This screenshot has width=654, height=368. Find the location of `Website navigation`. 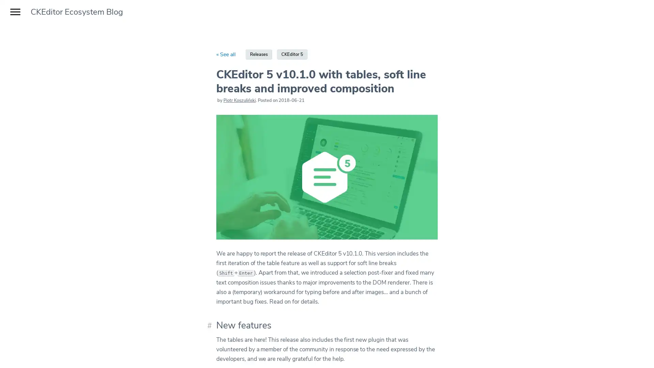

Website navigation is located at coordinates (15, 12).